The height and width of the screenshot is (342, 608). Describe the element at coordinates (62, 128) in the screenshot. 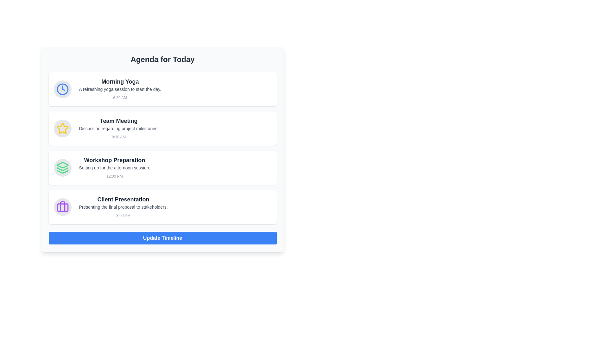

I see `the yellow star icon within the 'Team Meeting' list item, which is positioned towards the left side of the item, preceding the text 'Team Meeting'` at that location.